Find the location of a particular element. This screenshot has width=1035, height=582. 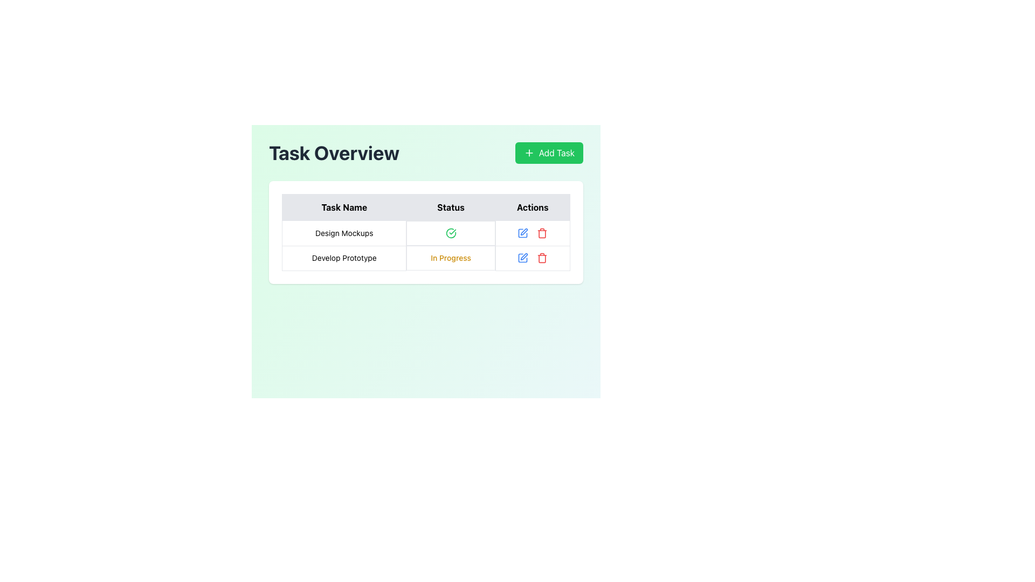

the Table Header Cell containing the bolded text 'Task Name', located at the top-left corner of a three-column table is located at coordinates (343, 207).